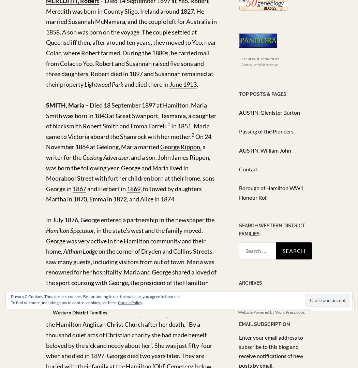 The height and width of the screenshot is (368, 358). I want to click on 'and Herbert in', so click(106, 188).